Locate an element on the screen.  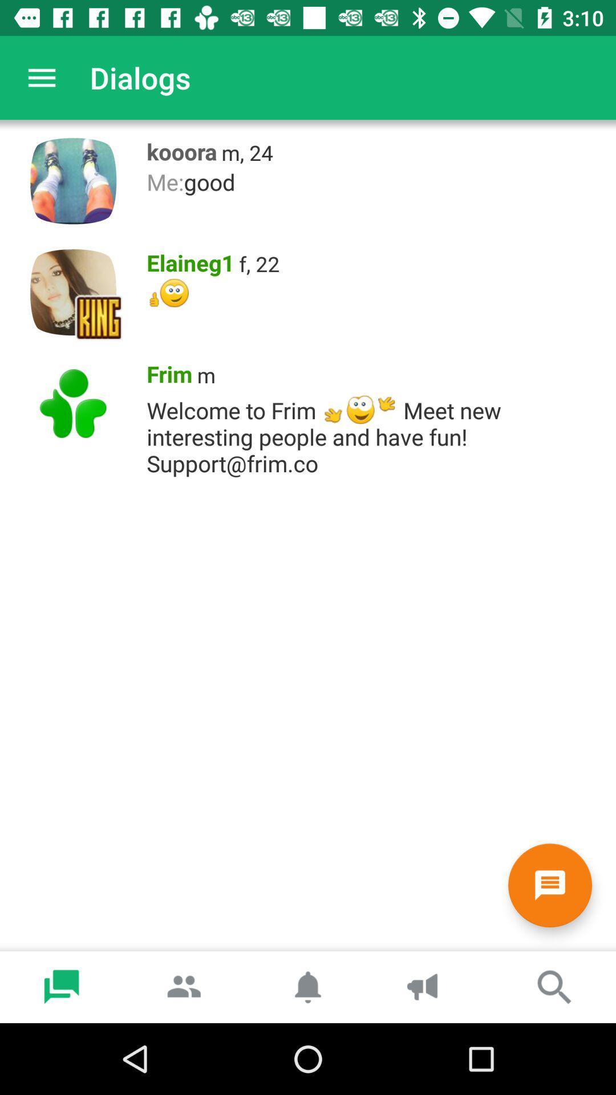
item next to the f, 22 item is located at coordinates (186, 259).